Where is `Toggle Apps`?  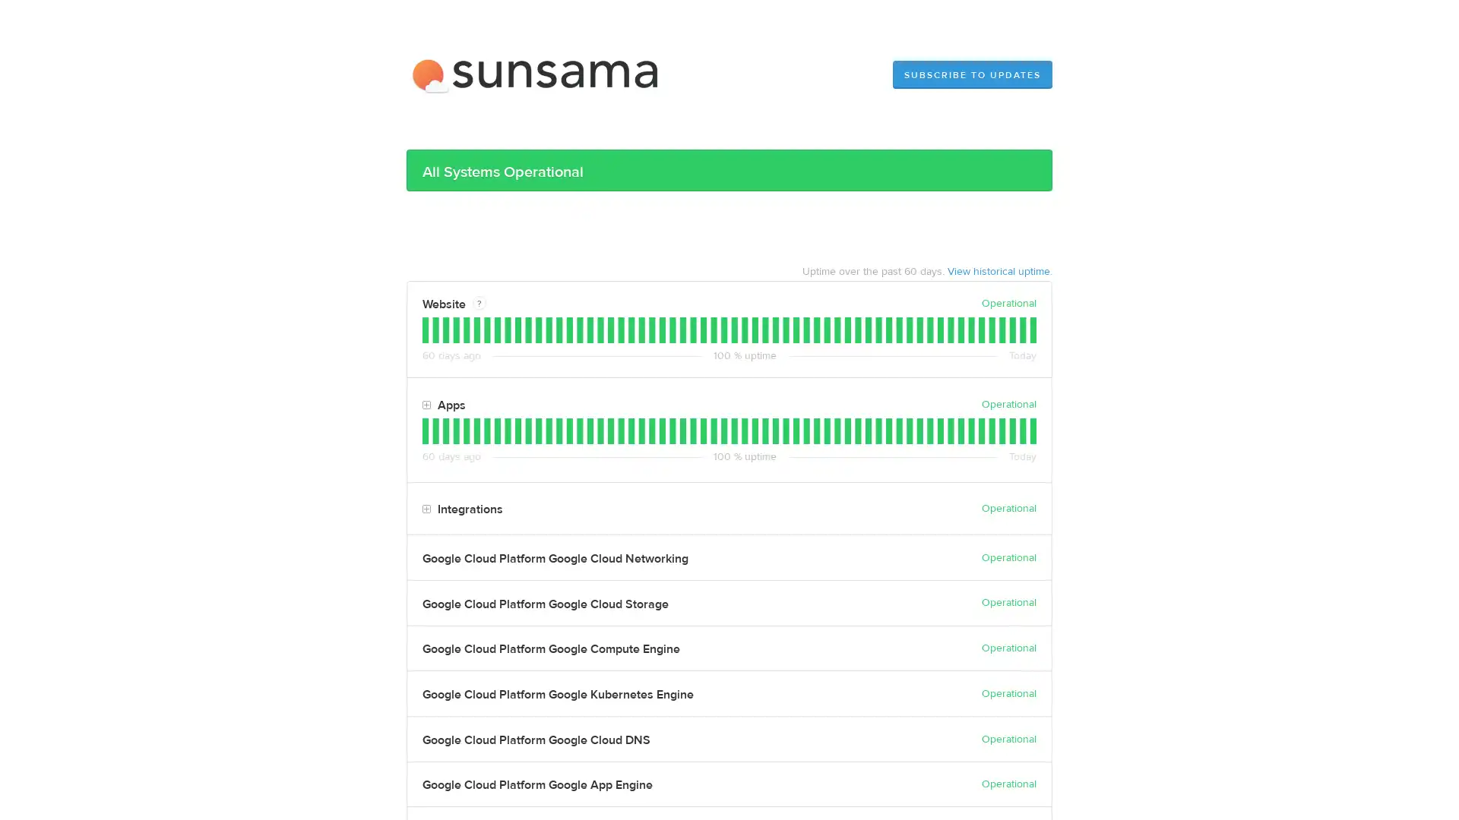 Toggle Apps is located at coordinates (426, 404).